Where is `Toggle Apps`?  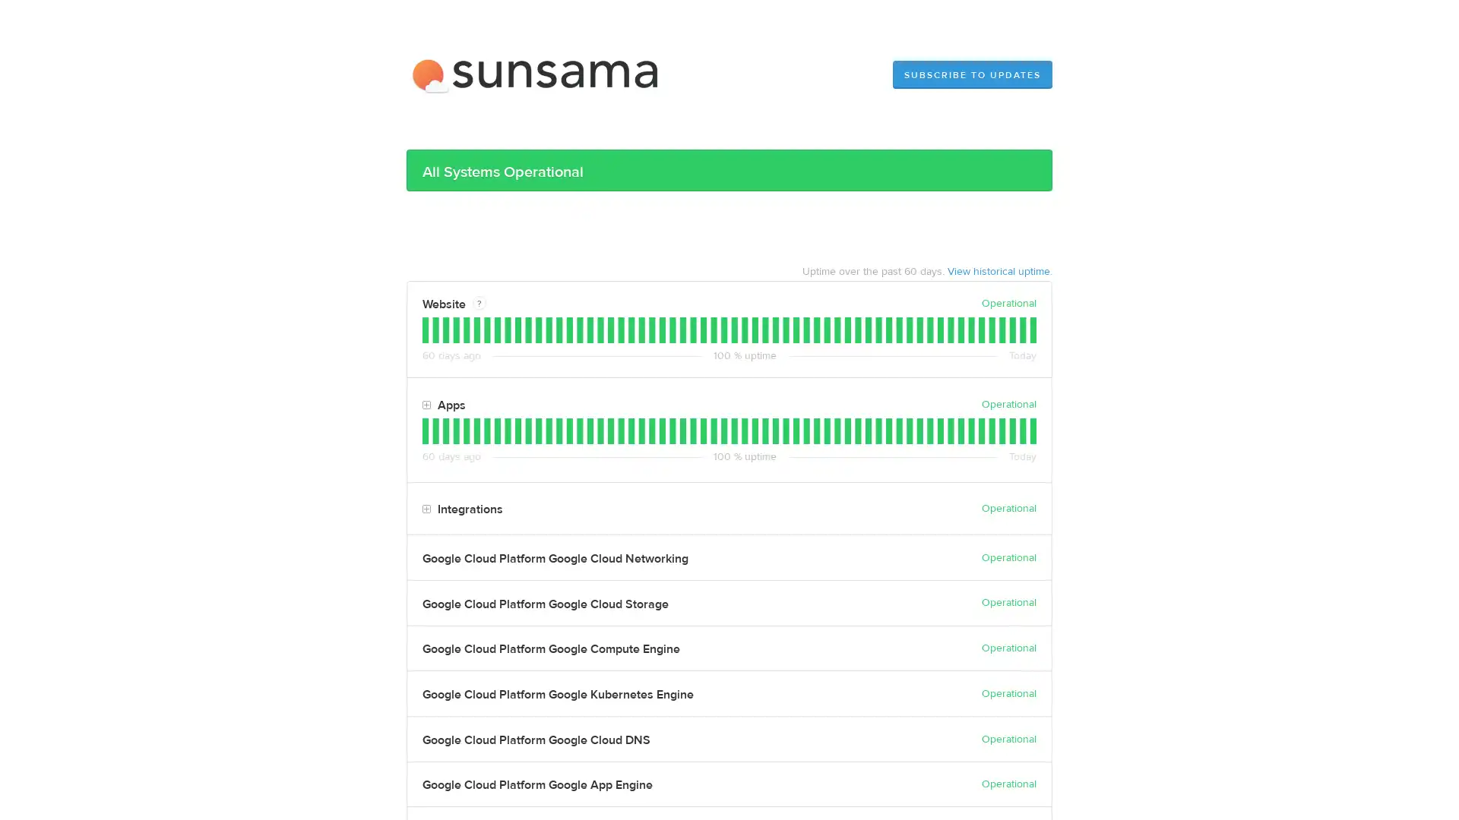 Toggle Apps is located at coordinates (426, 404).